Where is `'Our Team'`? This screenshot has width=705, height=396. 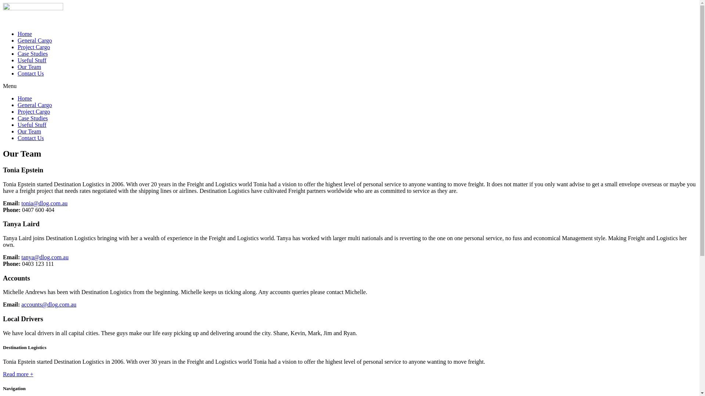
'Our Team' is located at coordinates (29, 131).